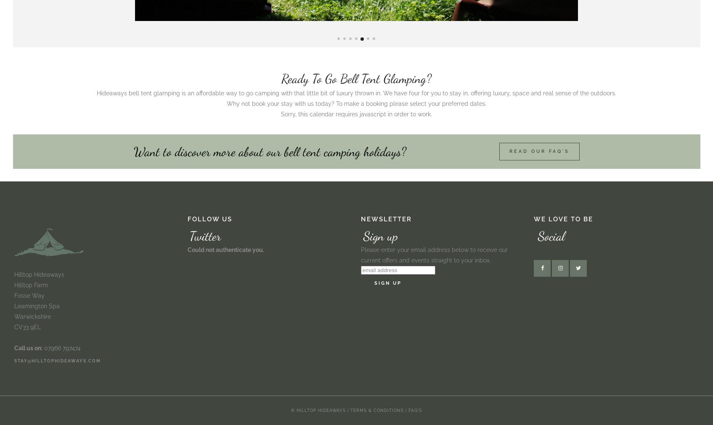 Image resolution: width=713 pixels, height=425 pixels. What do you see at coordinates (14, 348) in the screenshot?
I see `'Call us on:'` at bounding box center [14, 348].